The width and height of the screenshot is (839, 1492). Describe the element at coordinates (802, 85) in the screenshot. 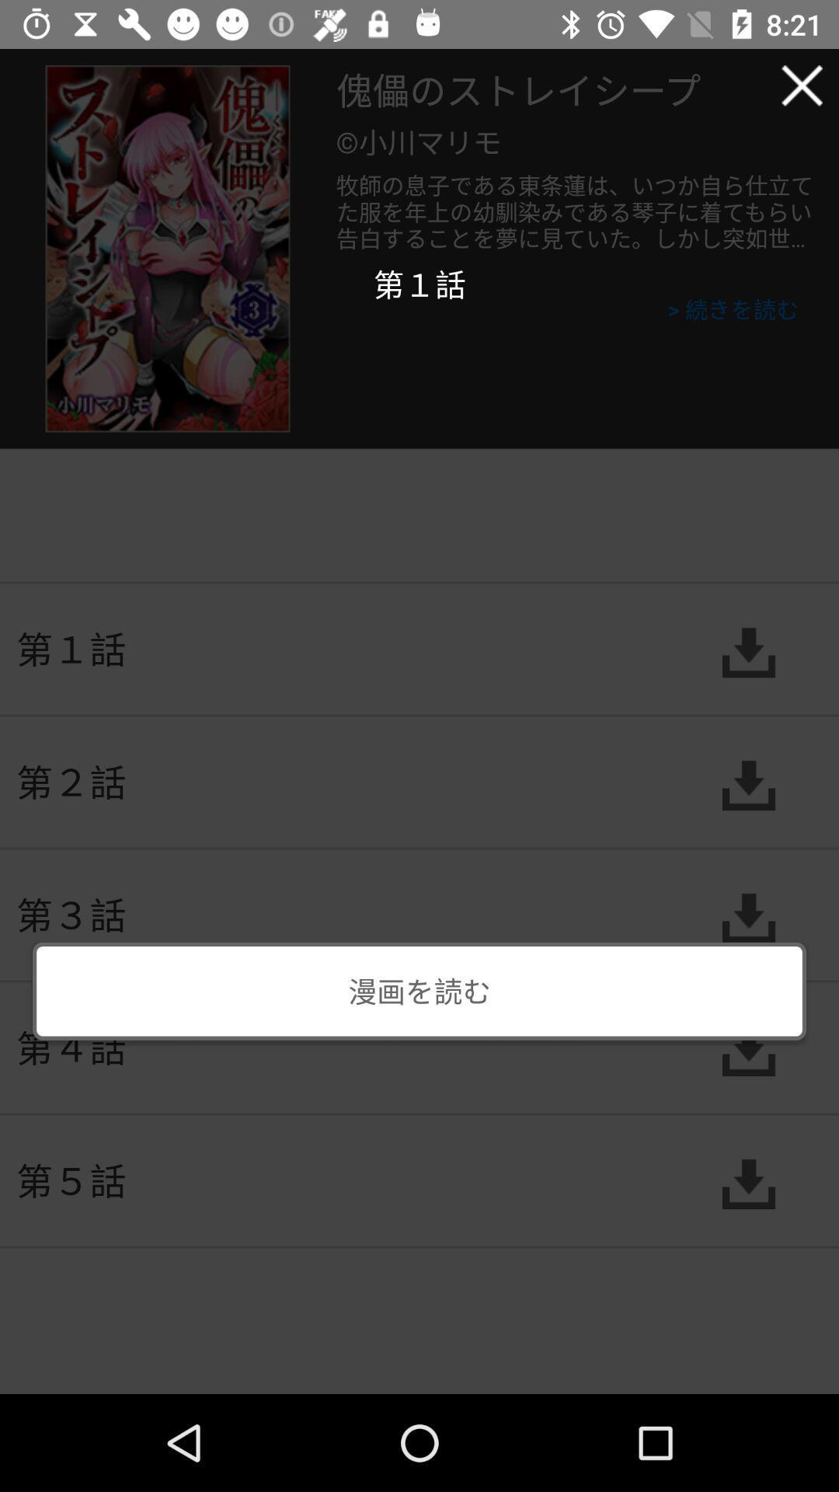

I see `the item at the top right corner` at that location.